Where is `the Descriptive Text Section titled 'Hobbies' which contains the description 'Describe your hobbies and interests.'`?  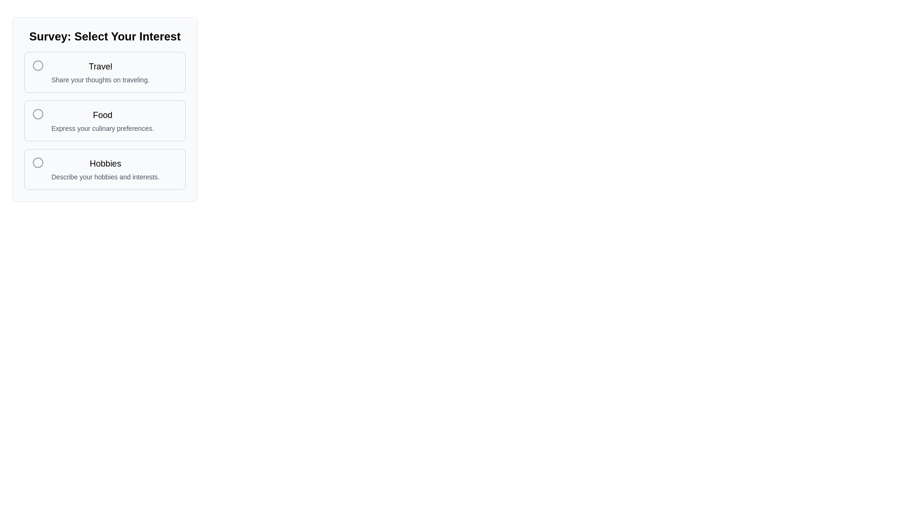 the Descriptive Text Section titled 'Hobbies' which contains the description 'Describe your hobbies and interests.' is located at coordinates (105, 168).